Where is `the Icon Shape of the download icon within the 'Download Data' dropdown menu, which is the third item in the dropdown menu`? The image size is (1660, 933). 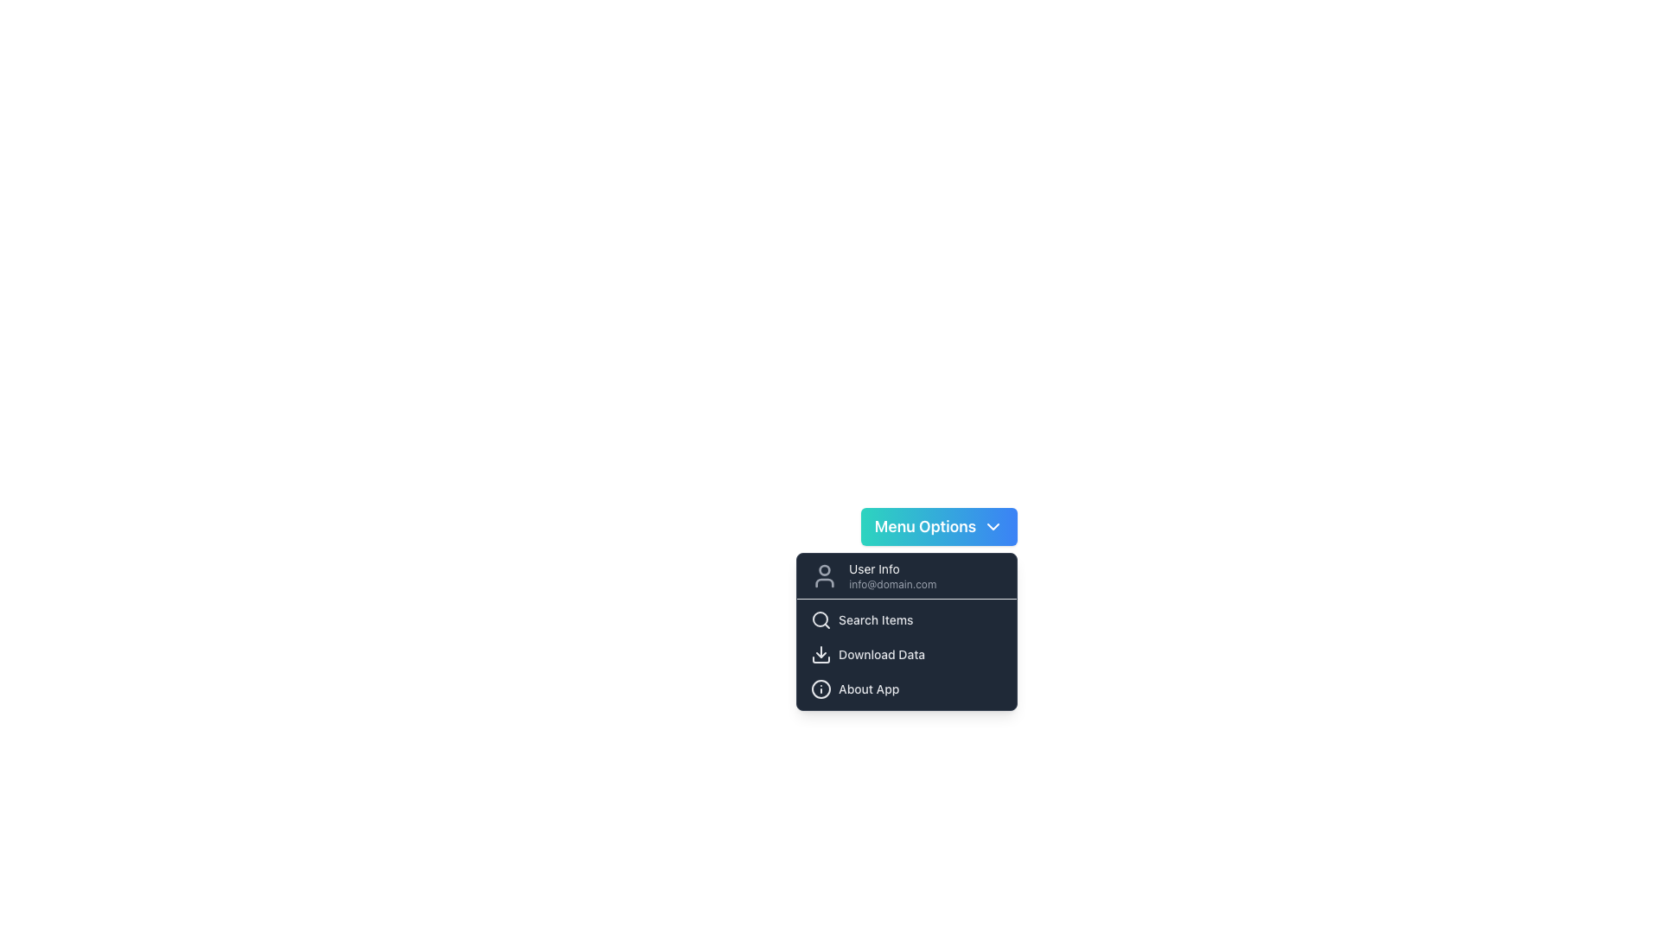
the Icon Shape of the download icon within the 'Download Data' dropdown menu, which is the third item in the dropdown menu is located at coordinates (820, 659).